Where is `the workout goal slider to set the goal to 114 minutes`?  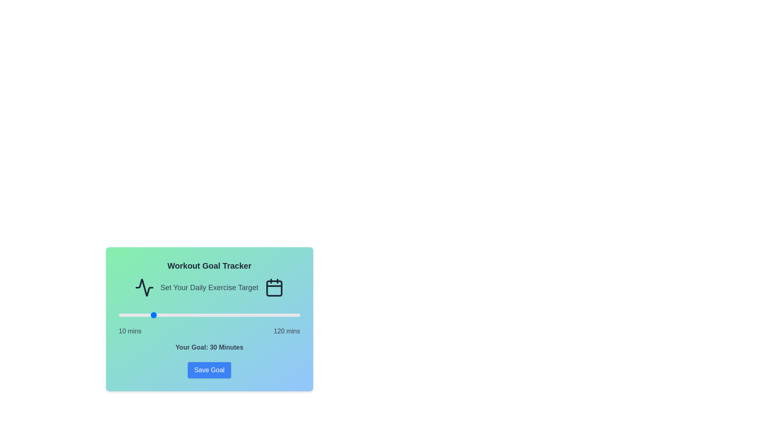 the workout goal slider to set the goal to 114 minutes is located at coordinates (290, 315).